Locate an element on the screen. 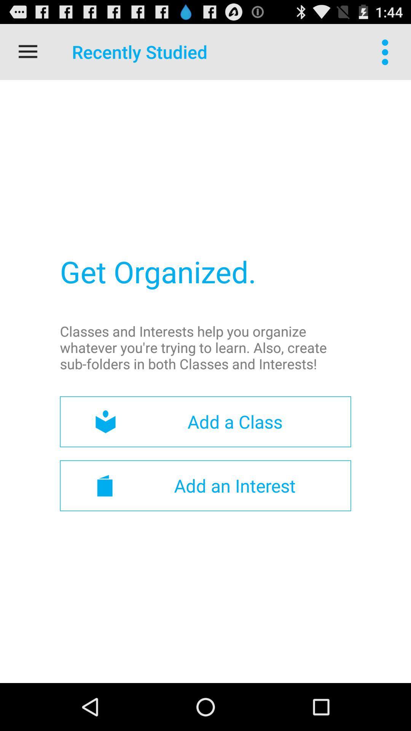 The width and height of the screenshot is (411, 731). the add a class is located at coordinates (205, 421).